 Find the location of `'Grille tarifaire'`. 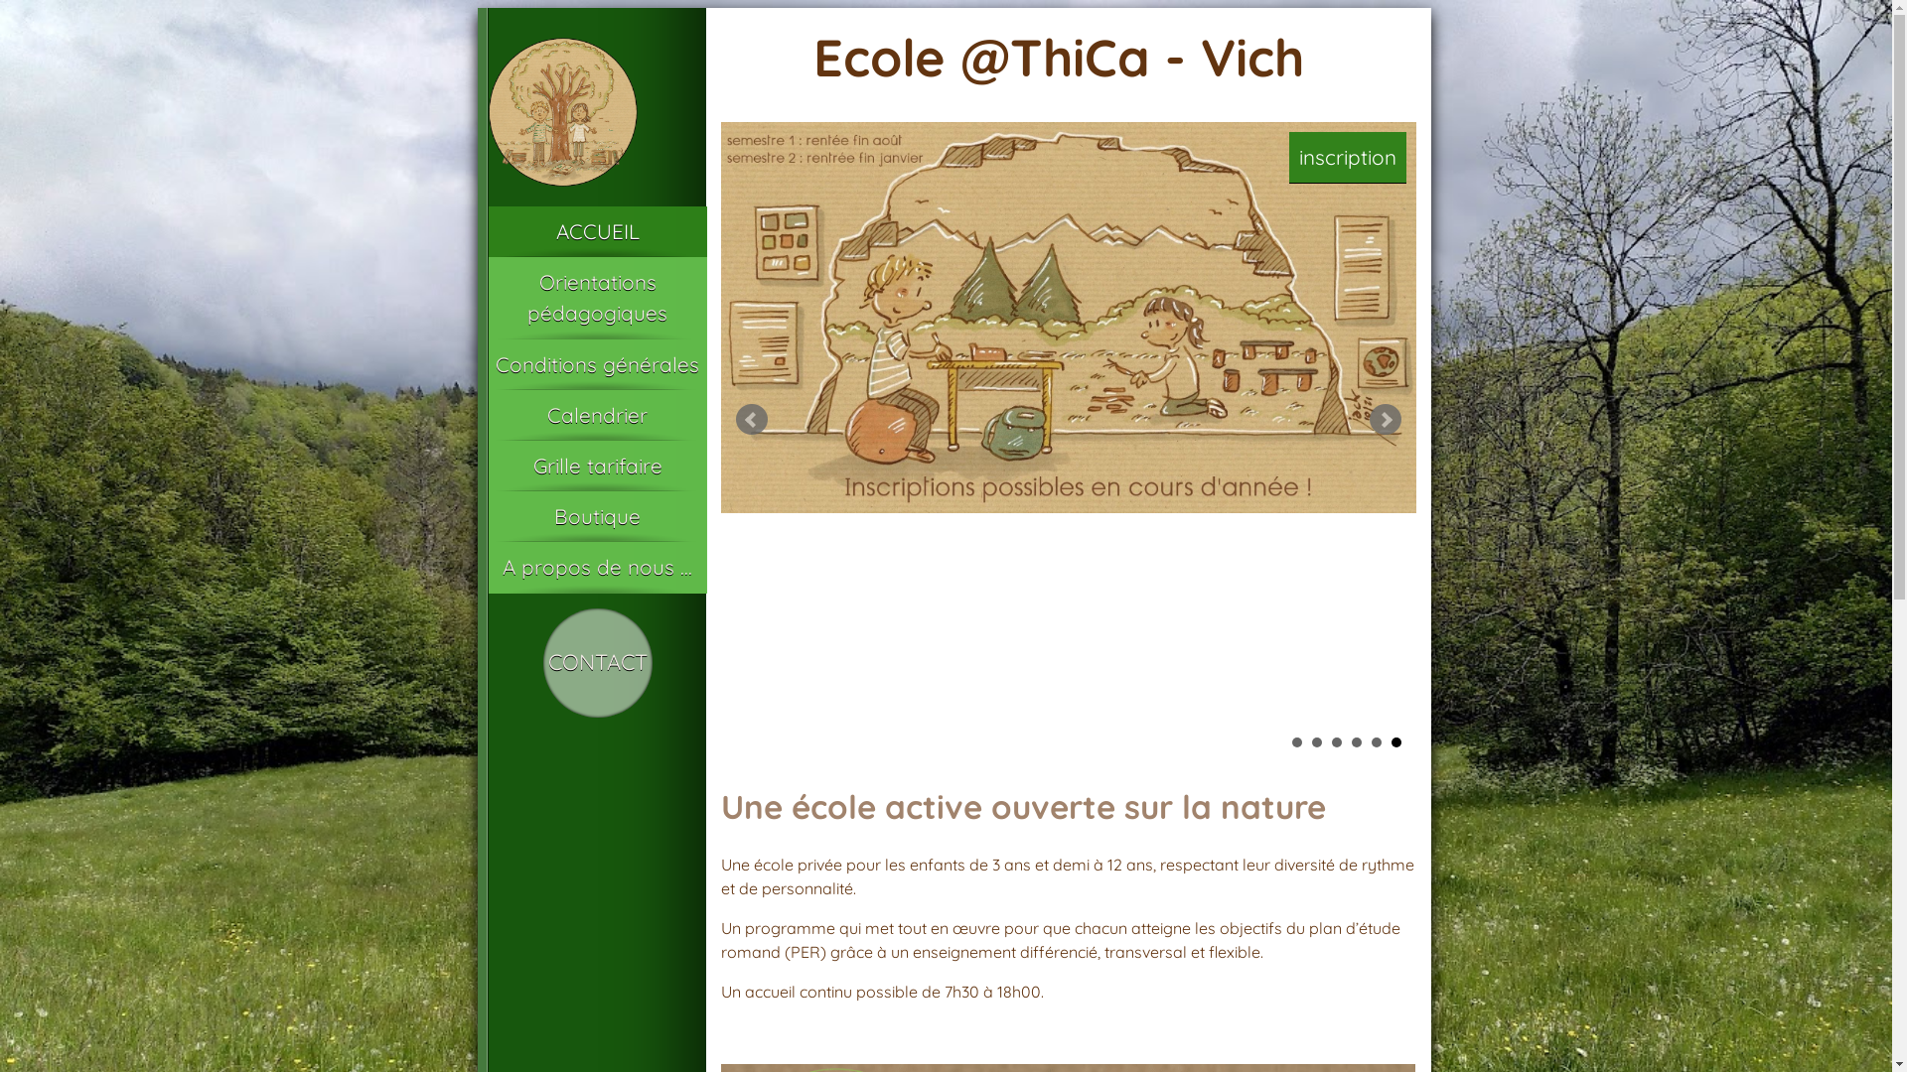

'Grille tarifaire' is located at coordinates (596, 466).